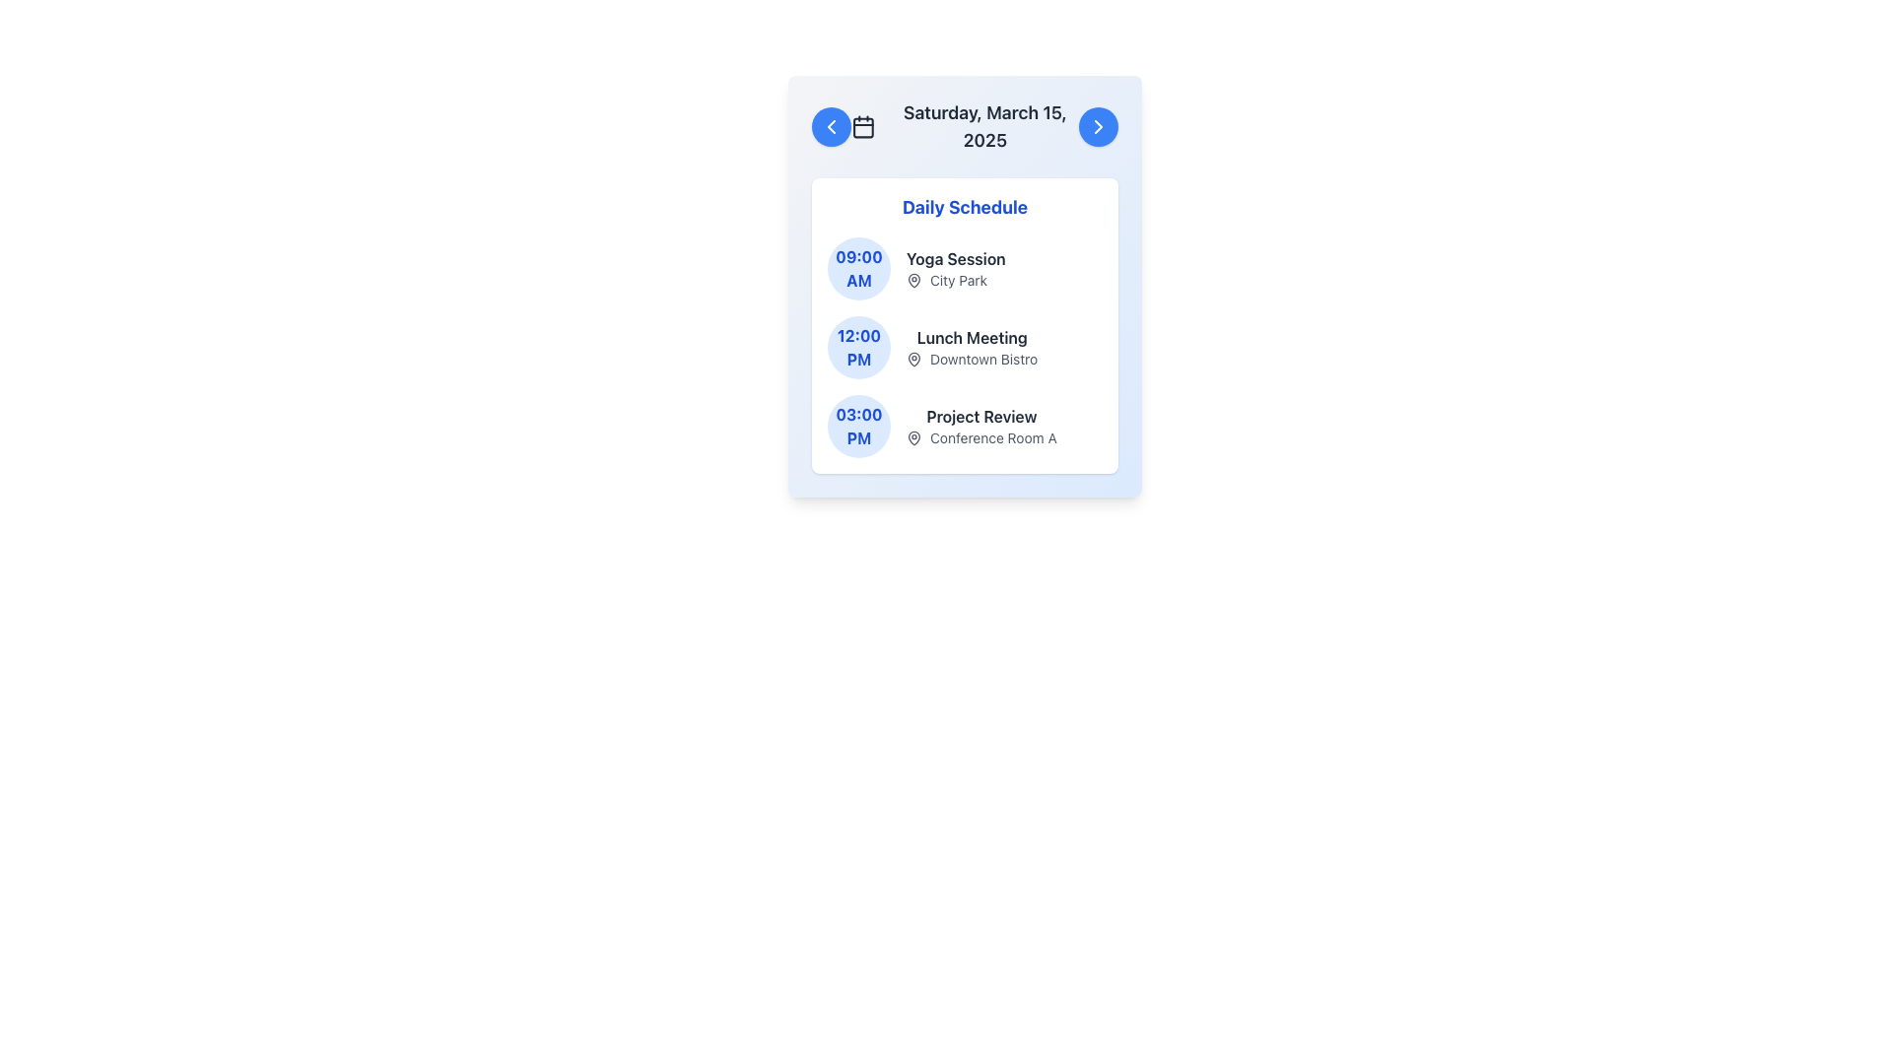 This screenshot has width=1892, height=1064. Describe the element at coordinates (1097, 126) in the screenshot. I see `the chevron-shaped arrow icon inside the circular button in the top-right corner of the card layout` at that location.